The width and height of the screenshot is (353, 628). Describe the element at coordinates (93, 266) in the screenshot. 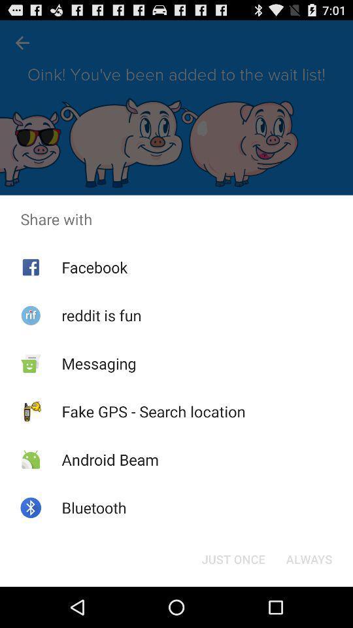

I see `app below share with app` at that location.